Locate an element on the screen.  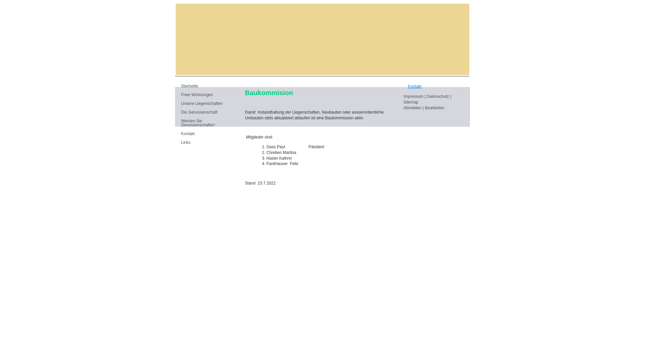
'Werden Sie Genossenschafter!' is located at coordinates (207, 123).